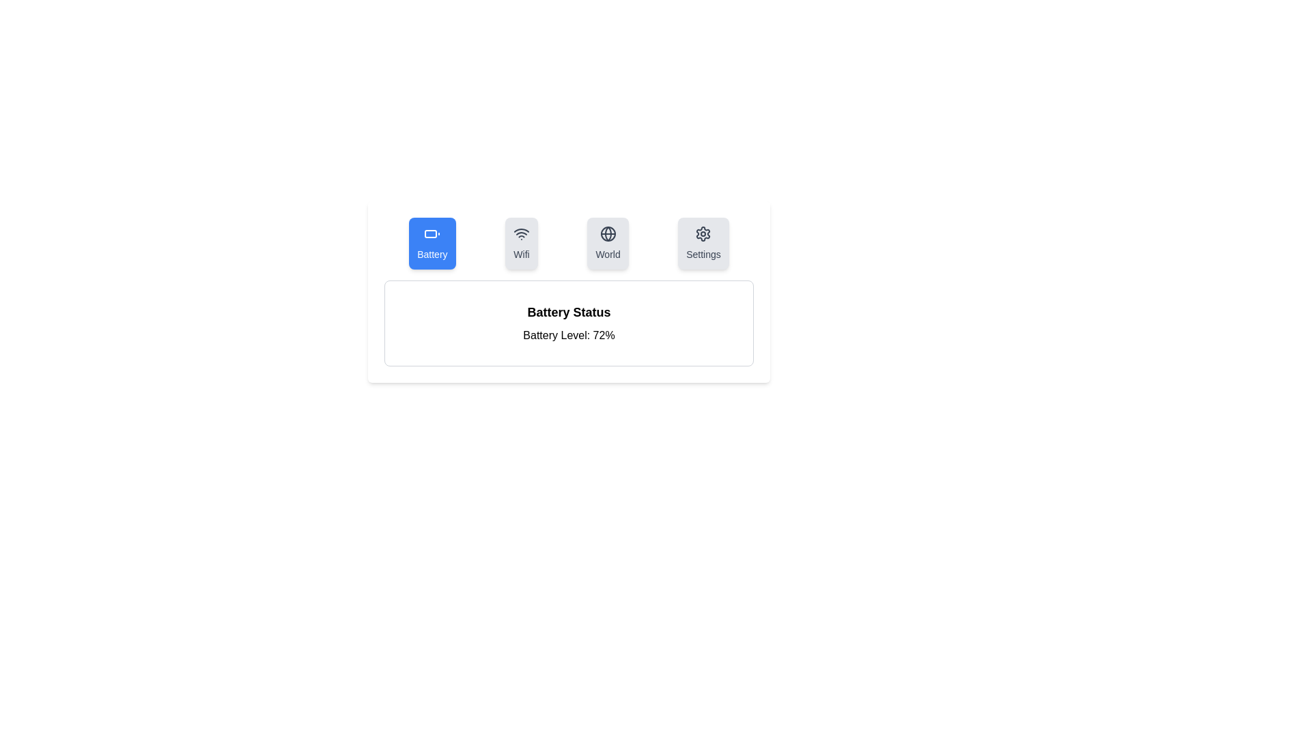 The width and height of the screenshot is (1311, 737). Describe the element at coordinates (569, 323) in the screenshot. I see `the text area to select the content` at that location.